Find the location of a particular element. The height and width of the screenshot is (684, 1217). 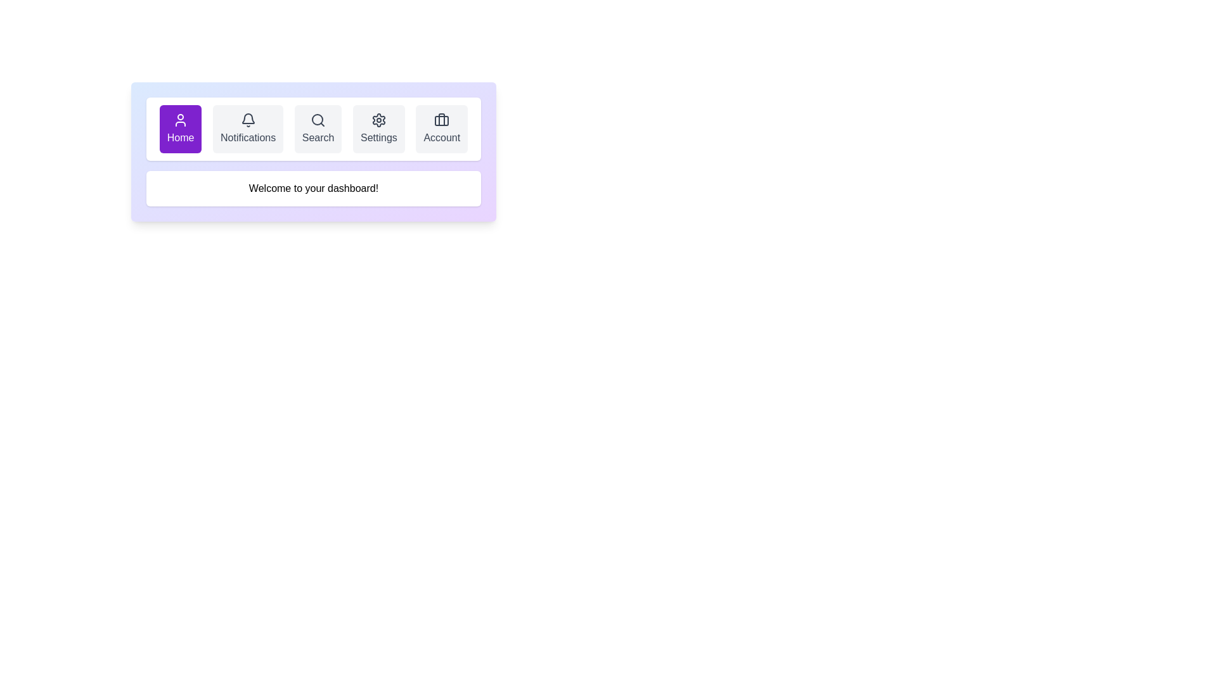

the 'Account' button, which is a rectangular button with a light gray background, rounded corners, and contains a briefcase icon above the label 'Account'. It is the fifth button in a horizontal navigation bar, located at the rightmost position next to the 'Settings' button is located at coordinates (441, 129).